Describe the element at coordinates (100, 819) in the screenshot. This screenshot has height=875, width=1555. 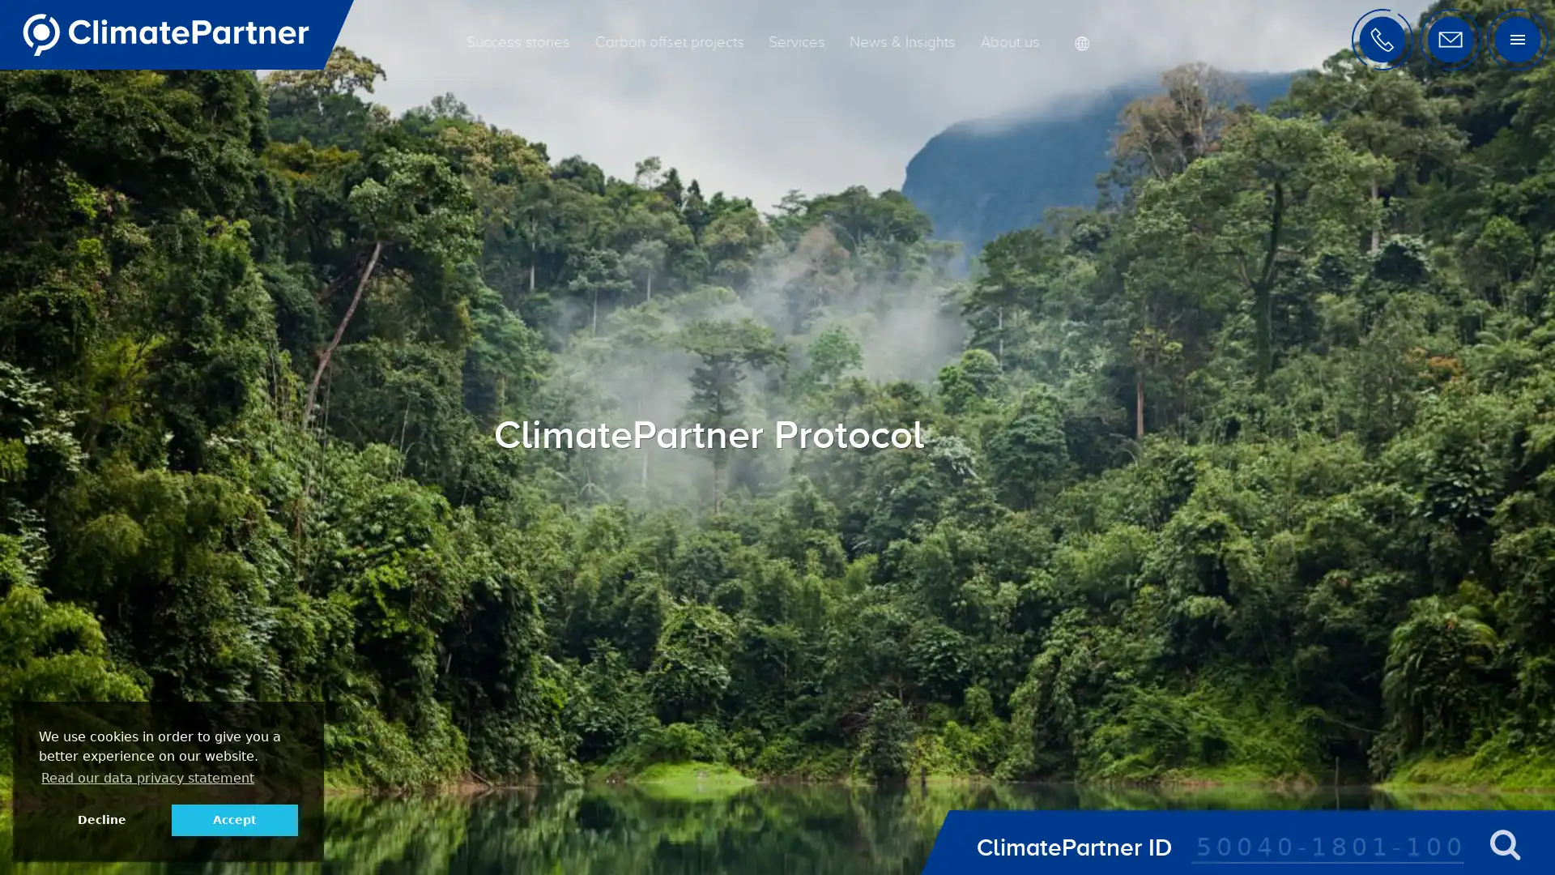
I see `deny cookies` at that location.